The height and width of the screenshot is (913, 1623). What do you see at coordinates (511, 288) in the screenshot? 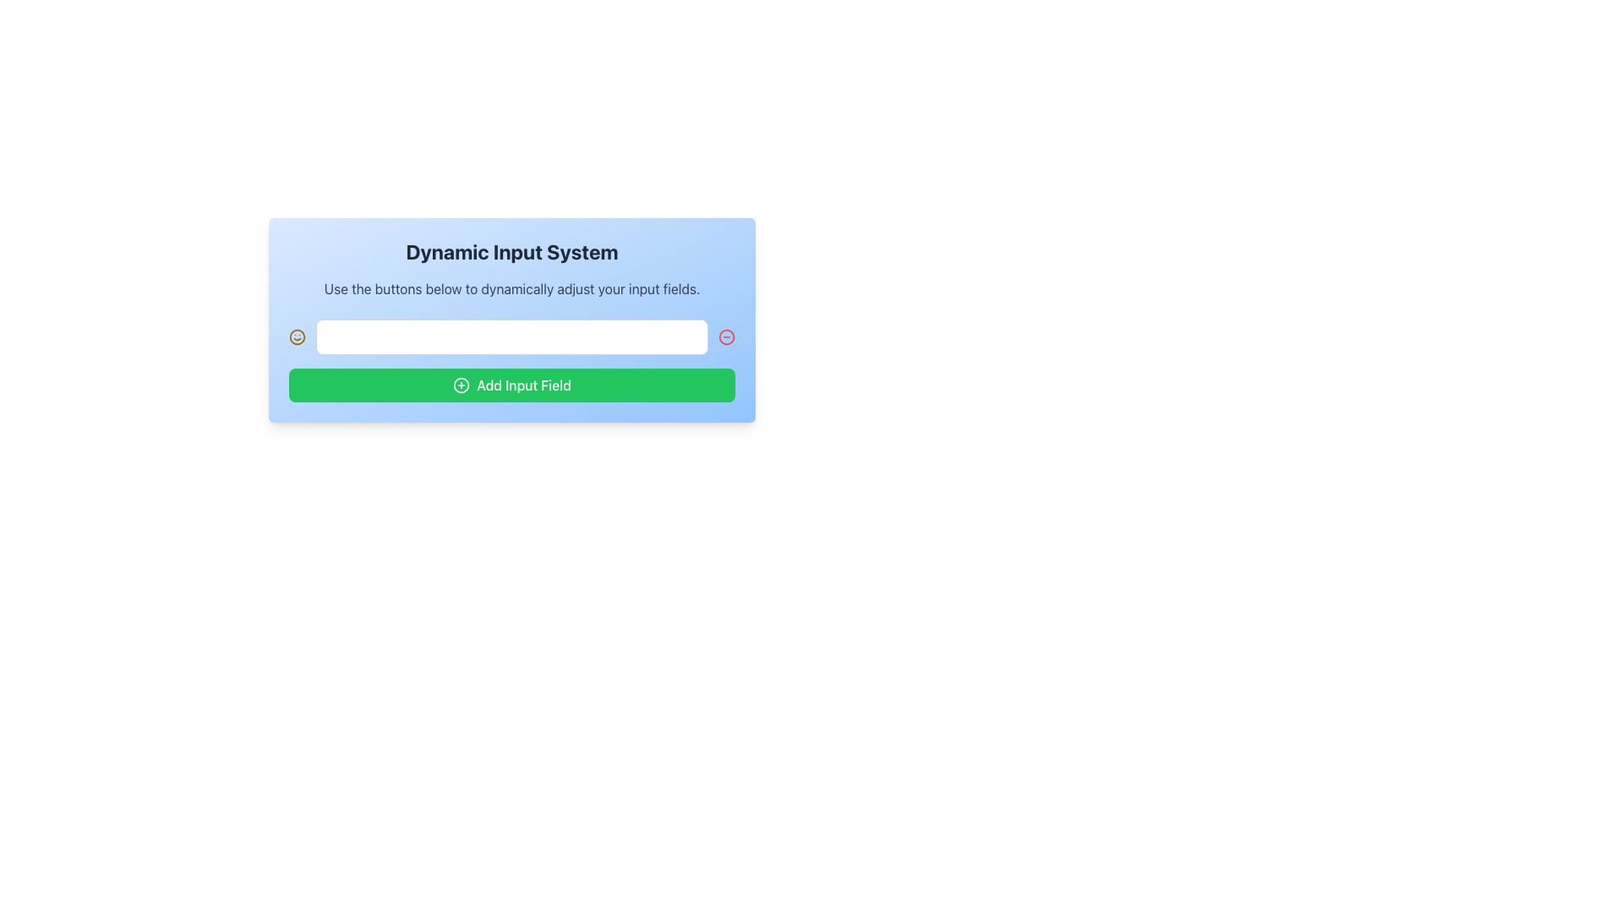
I see `the instructional static text that provides guidance on using buttons to modify input fields dynamically, located below the title 'Dynamic Input System'` at bounding box center [511, 288].